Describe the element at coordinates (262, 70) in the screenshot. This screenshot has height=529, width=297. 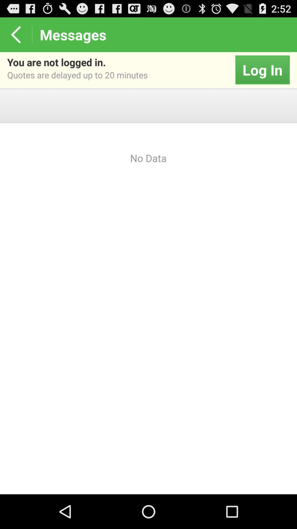
I see `the log in at the top right corner` at that location.